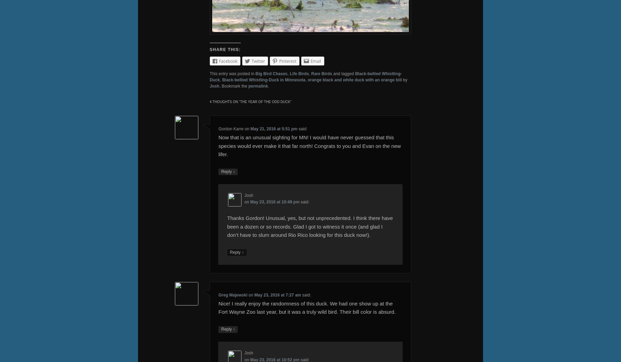  What do you see at coordinates (218, 61) in the screenshot?
I see `'Facebook'` at bounding box center [218, 61].